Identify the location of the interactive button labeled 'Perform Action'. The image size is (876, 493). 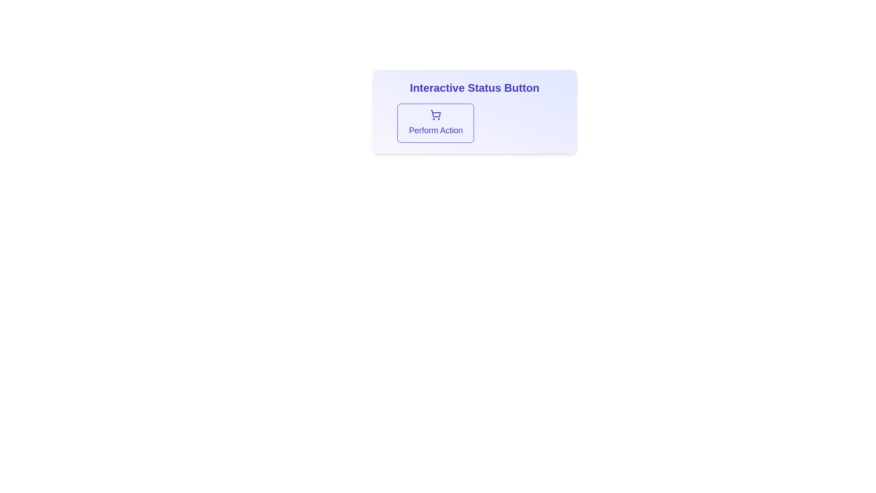
(435, 123).